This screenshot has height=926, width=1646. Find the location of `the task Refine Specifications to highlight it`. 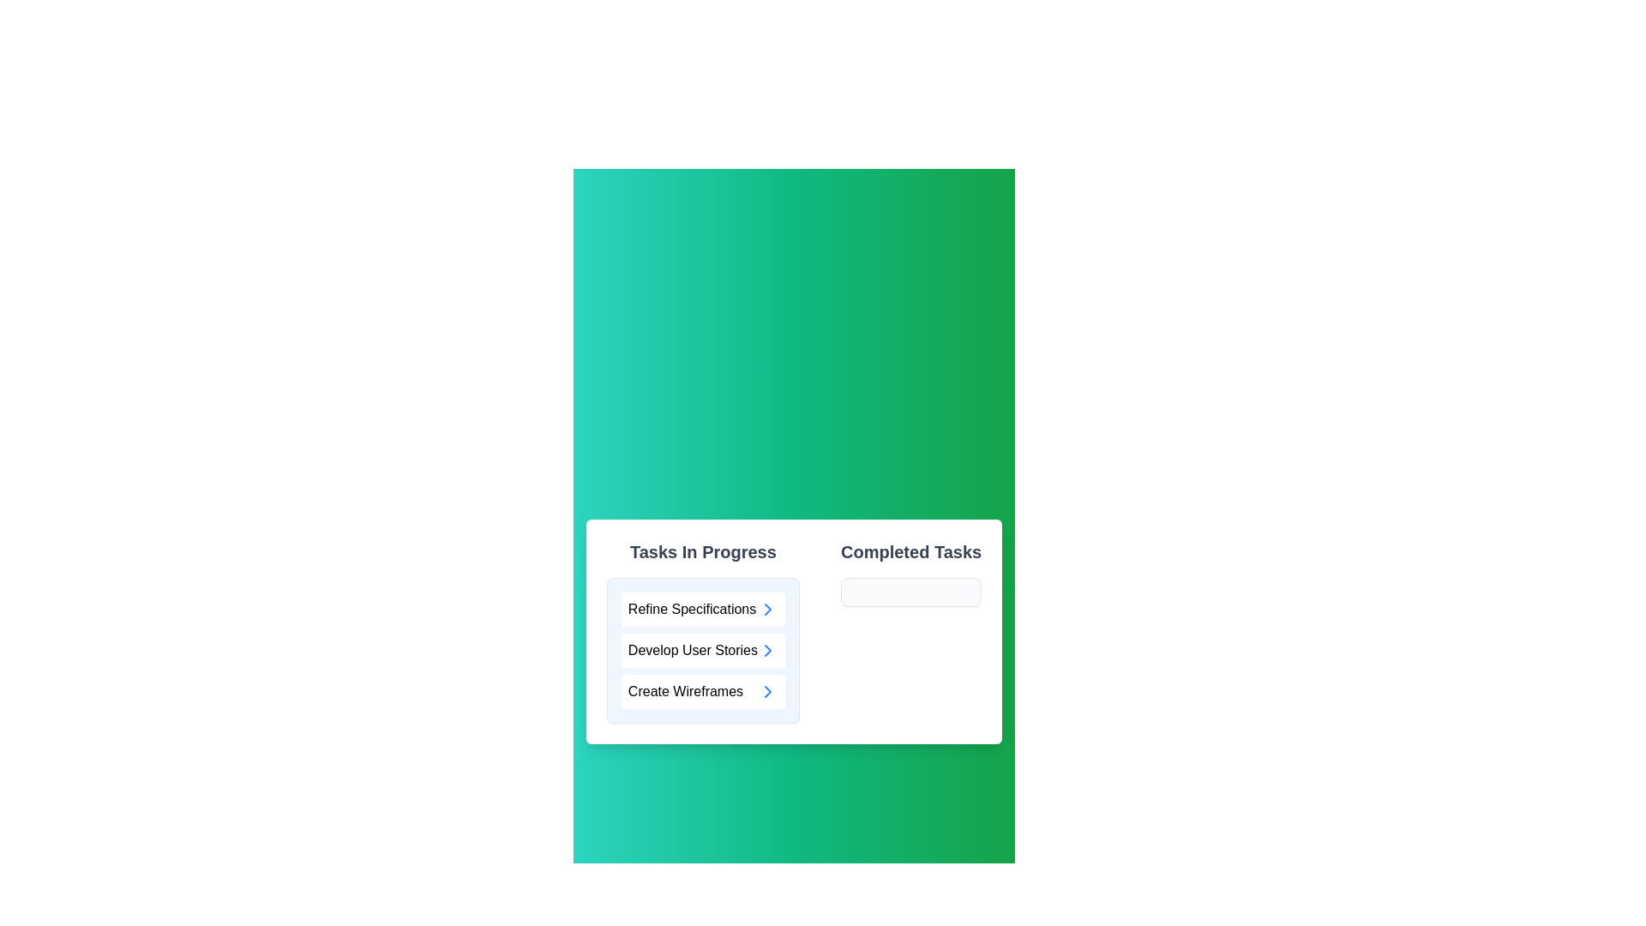

the task Refine Specifications to highlight it is located at coordinates (703, 608).